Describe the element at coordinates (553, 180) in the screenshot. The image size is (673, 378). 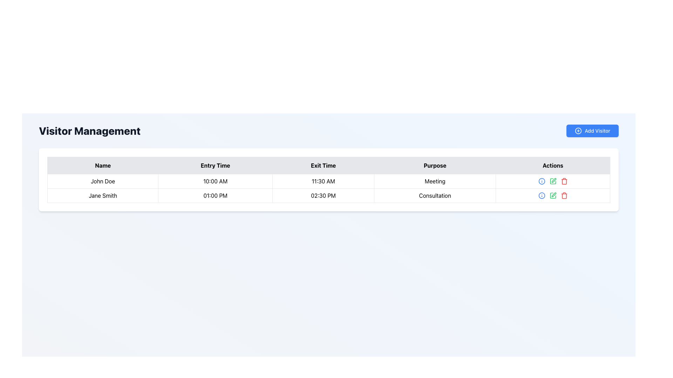
I see `the pen-like icon located in the 'Actions' column of the second row of the table to initiate editing` at that location.